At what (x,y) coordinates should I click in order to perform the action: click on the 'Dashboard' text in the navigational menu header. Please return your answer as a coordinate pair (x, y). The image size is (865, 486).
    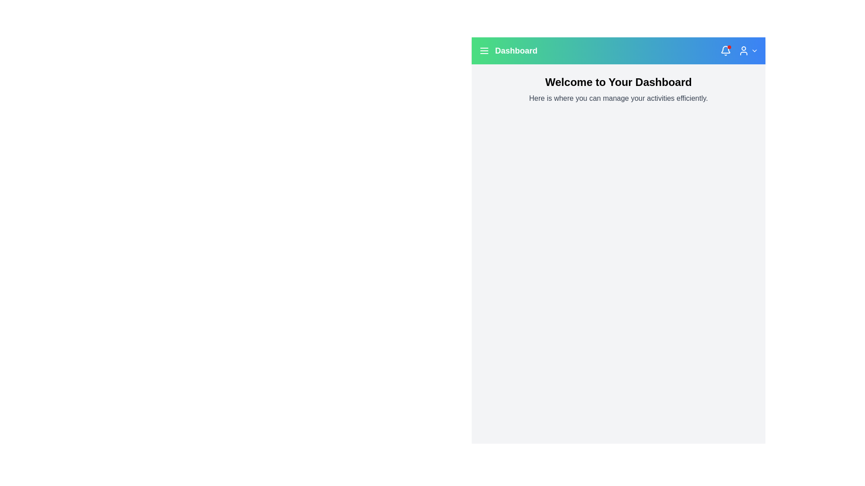
    Looking at the image, I should click on (508, 50).